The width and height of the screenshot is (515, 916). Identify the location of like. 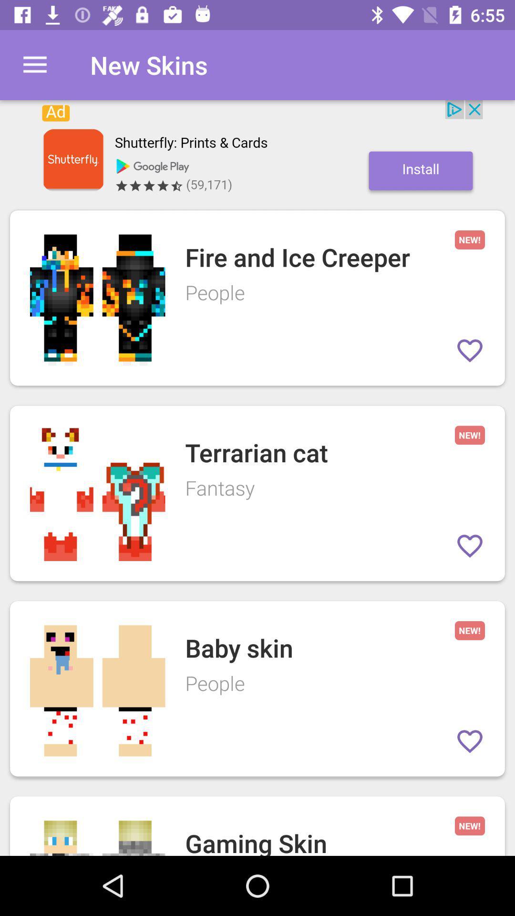
(469, 350).